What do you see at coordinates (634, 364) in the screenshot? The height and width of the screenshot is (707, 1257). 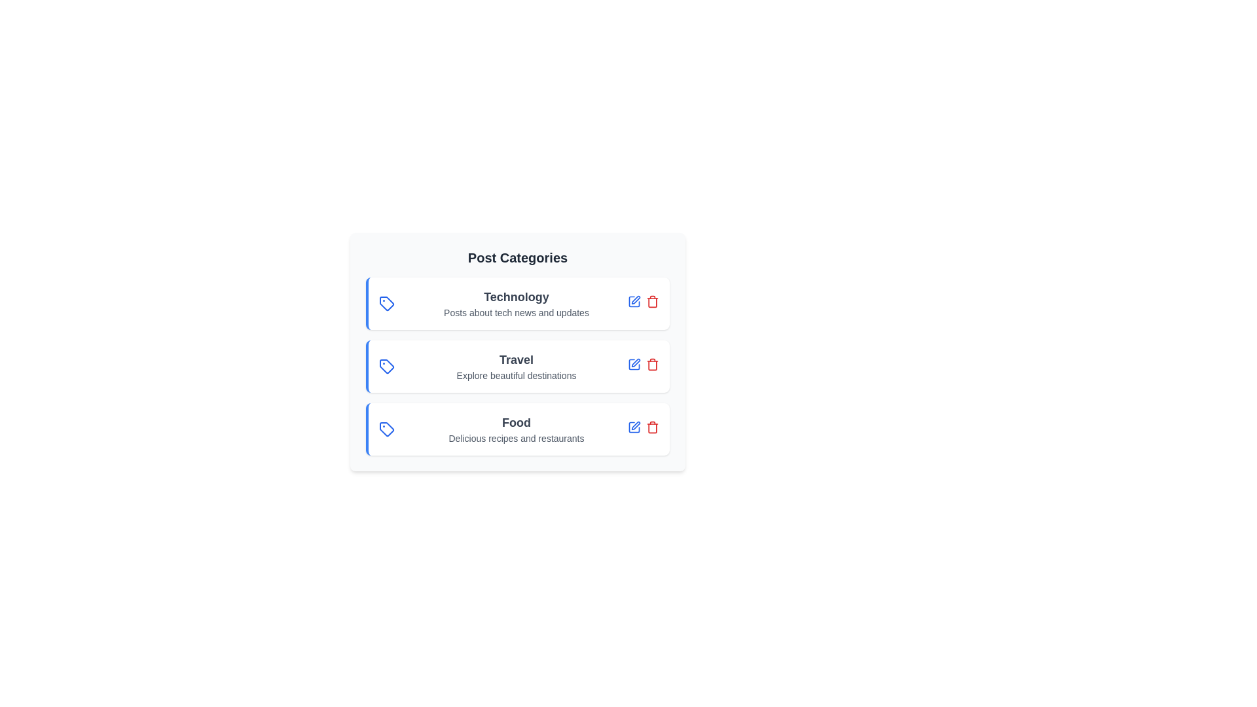 I see `edit button for the category Travel` at bounding box center [634, 364].